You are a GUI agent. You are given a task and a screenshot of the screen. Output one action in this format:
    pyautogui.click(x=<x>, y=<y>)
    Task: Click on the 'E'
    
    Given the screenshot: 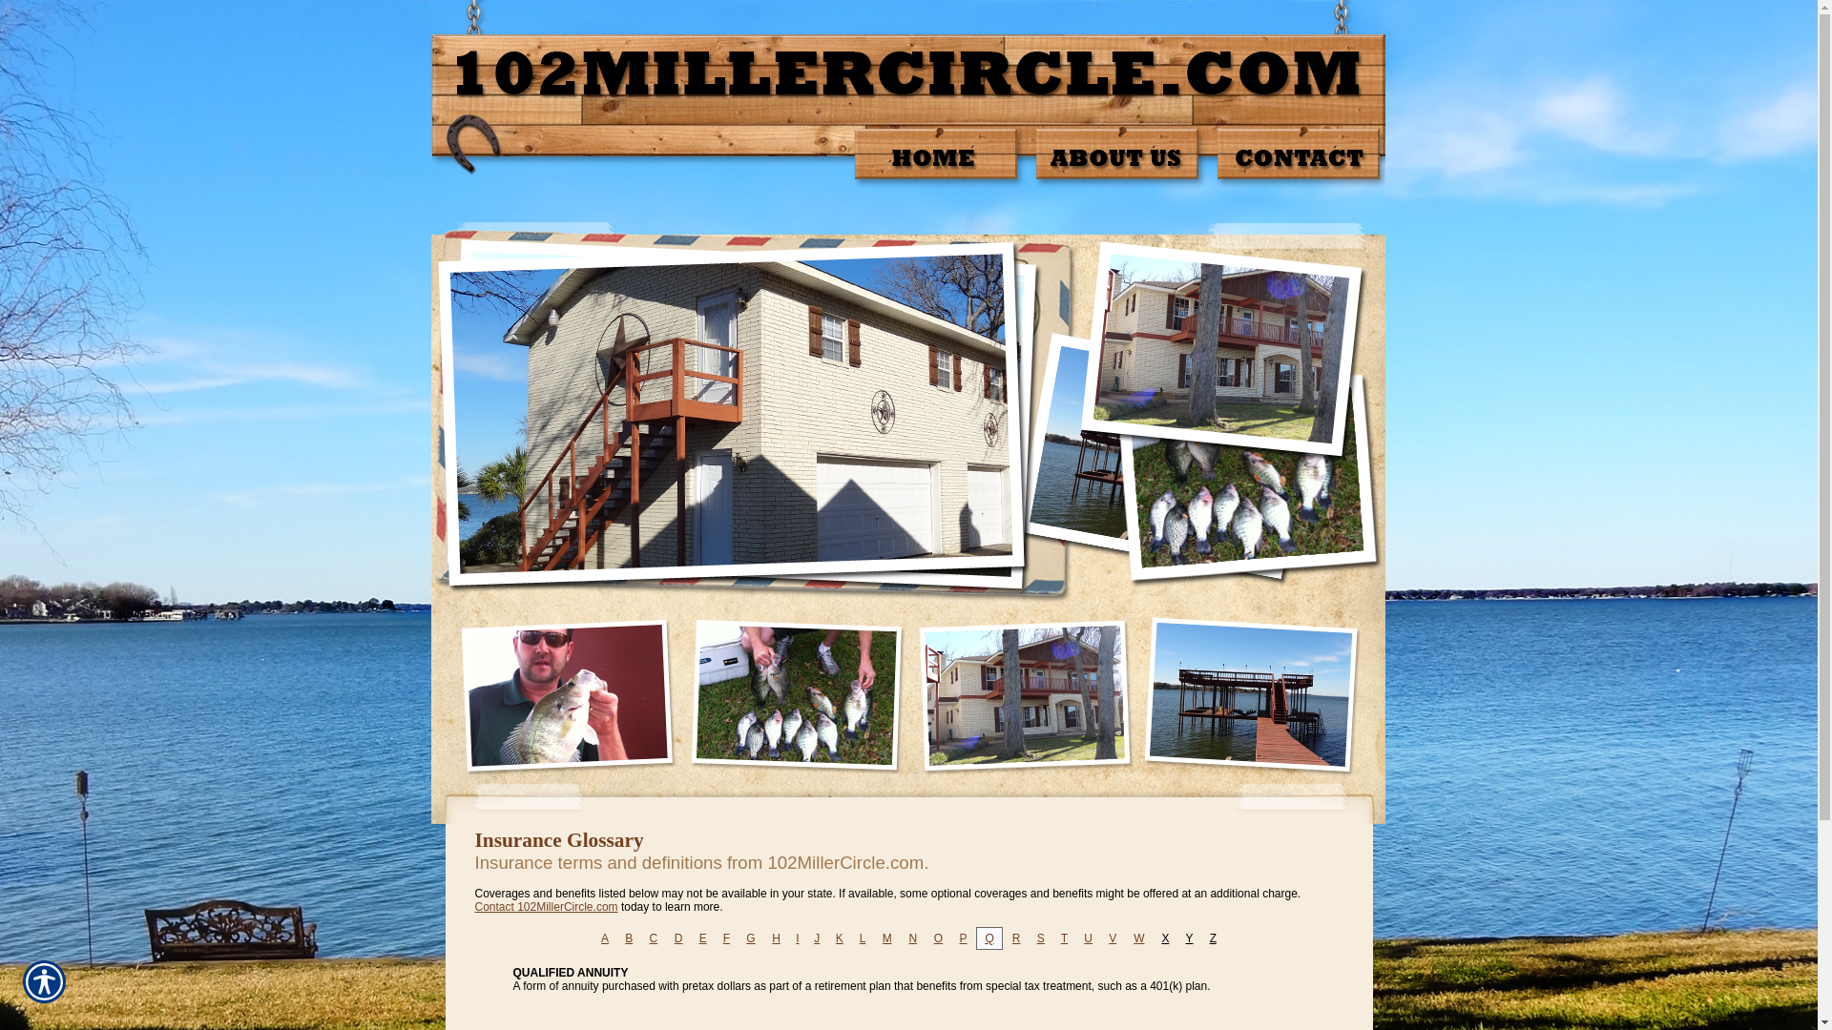 What is the action you would take?
    pyautogui.click(x=702, y=937)
    